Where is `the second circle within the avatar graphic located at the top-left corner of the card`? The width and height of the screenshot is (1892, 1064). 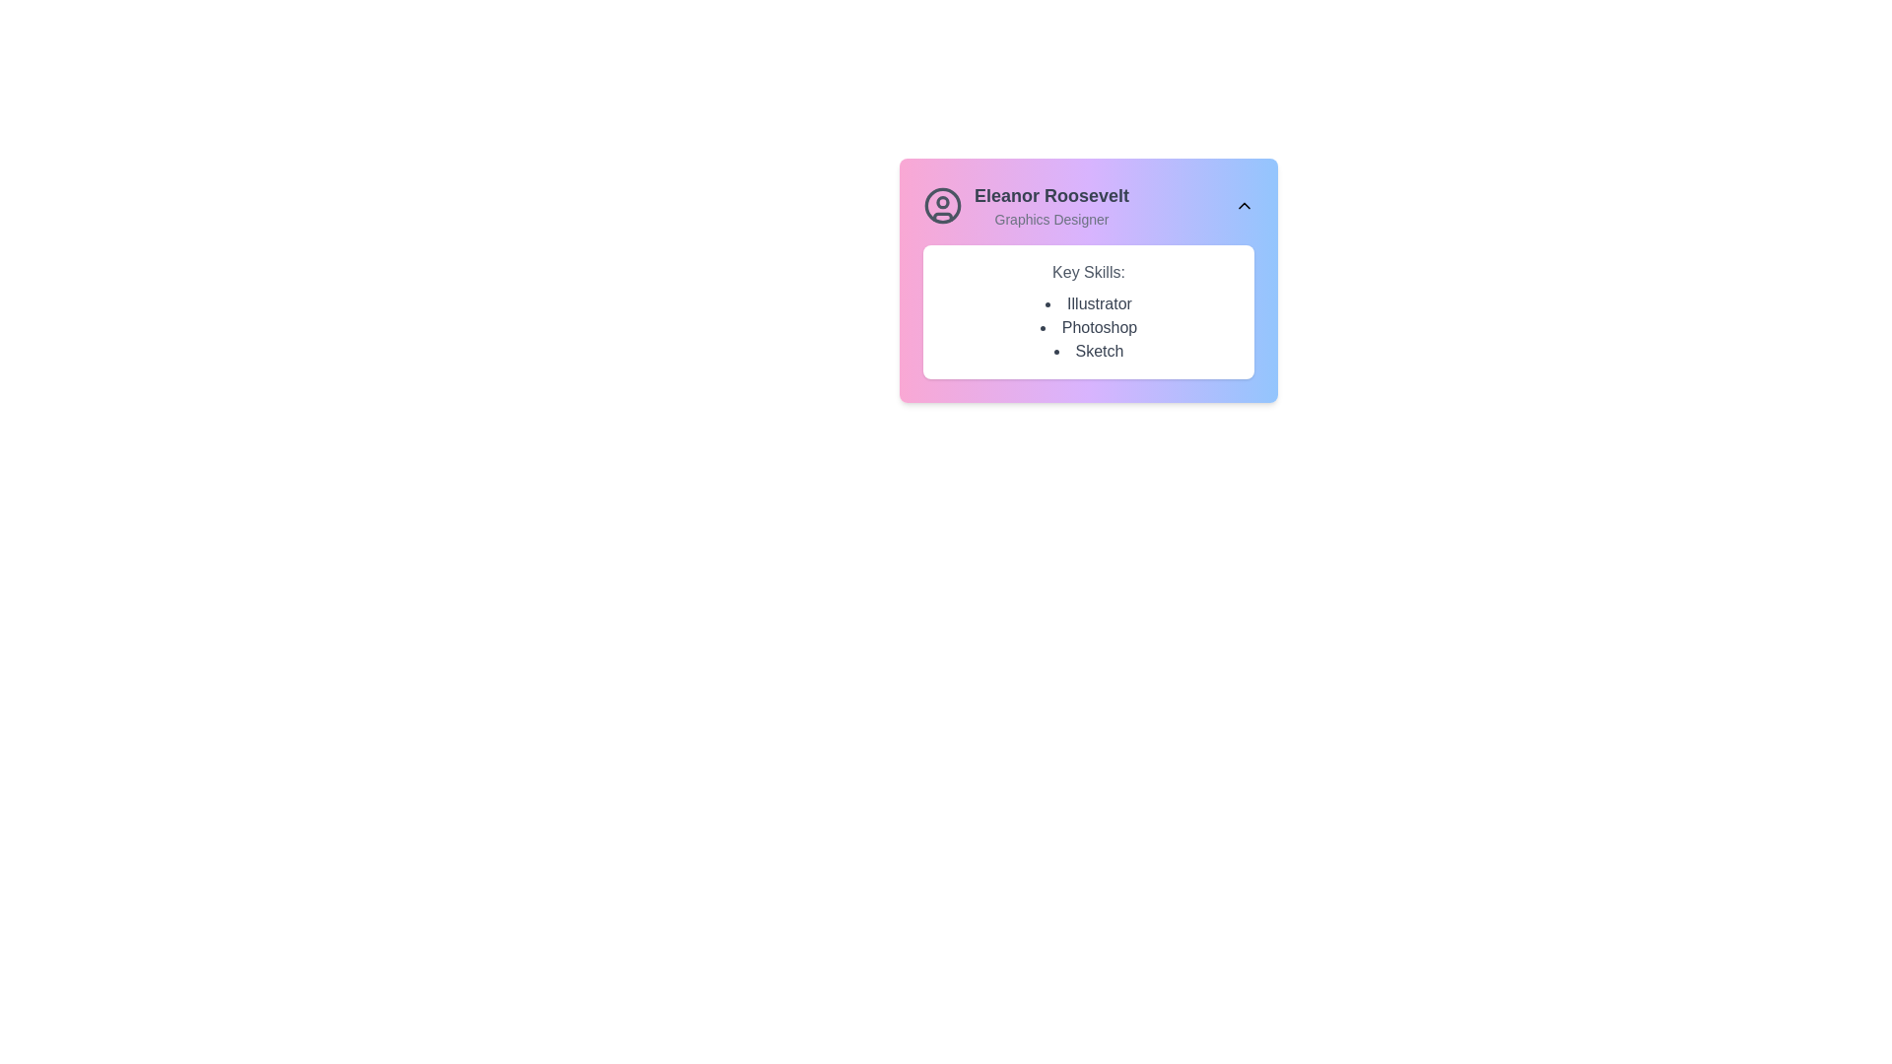
the second circle within the avatar graphic located at the top-left corner of the card is located at coordinates (941, 201).